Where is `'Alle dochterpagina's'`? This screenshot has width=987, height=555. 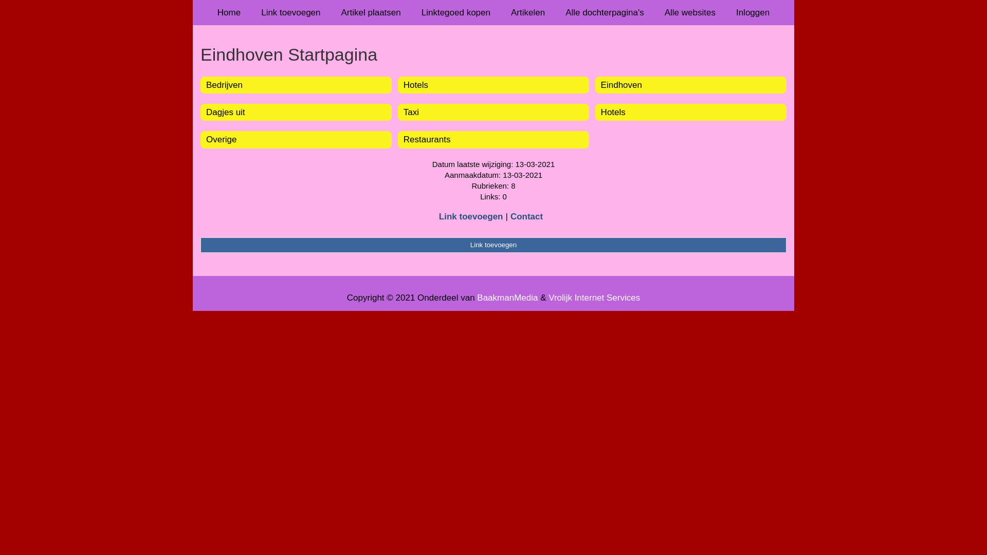 'Alle dochterpagina's' is located at coordinates (555, 12).